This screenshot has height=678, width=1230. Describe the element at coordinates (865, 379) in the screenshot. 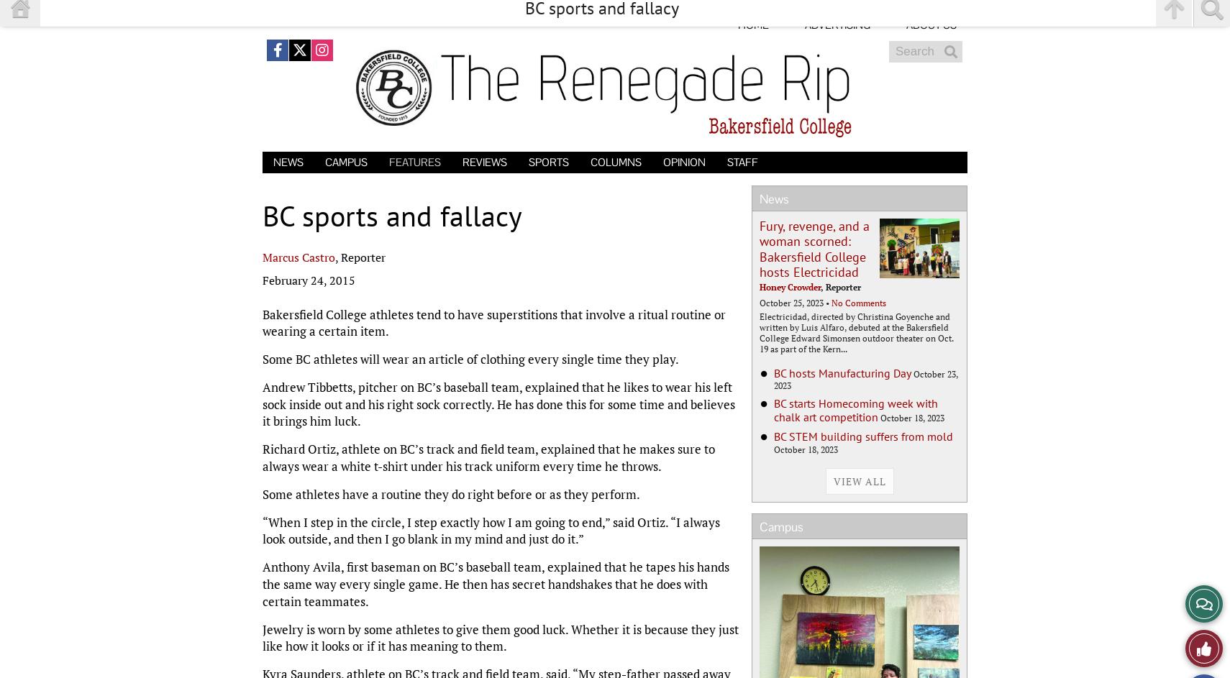

I see `'October 23, 2023'` at that location.